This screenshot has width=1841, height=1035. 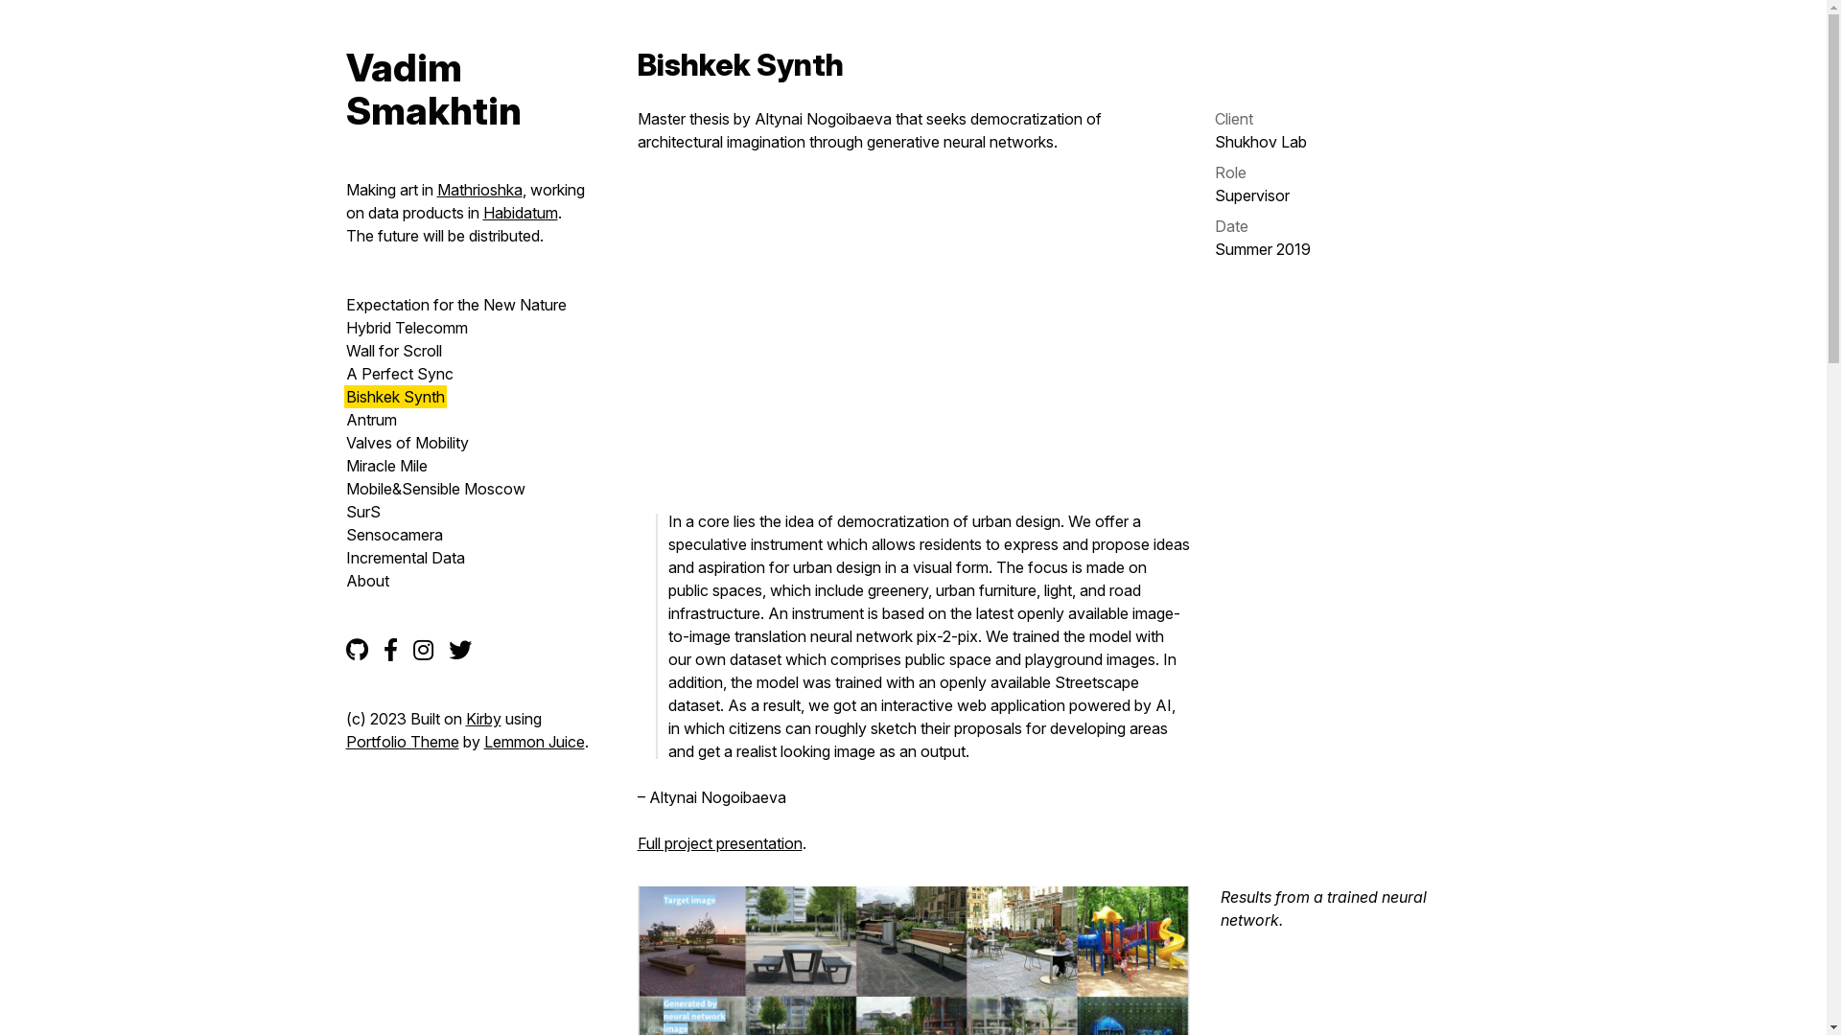 What do you see at coordinates (520, 213) in the screenshot?
I see `'Habidatum'` at bounding box center [520, 213].